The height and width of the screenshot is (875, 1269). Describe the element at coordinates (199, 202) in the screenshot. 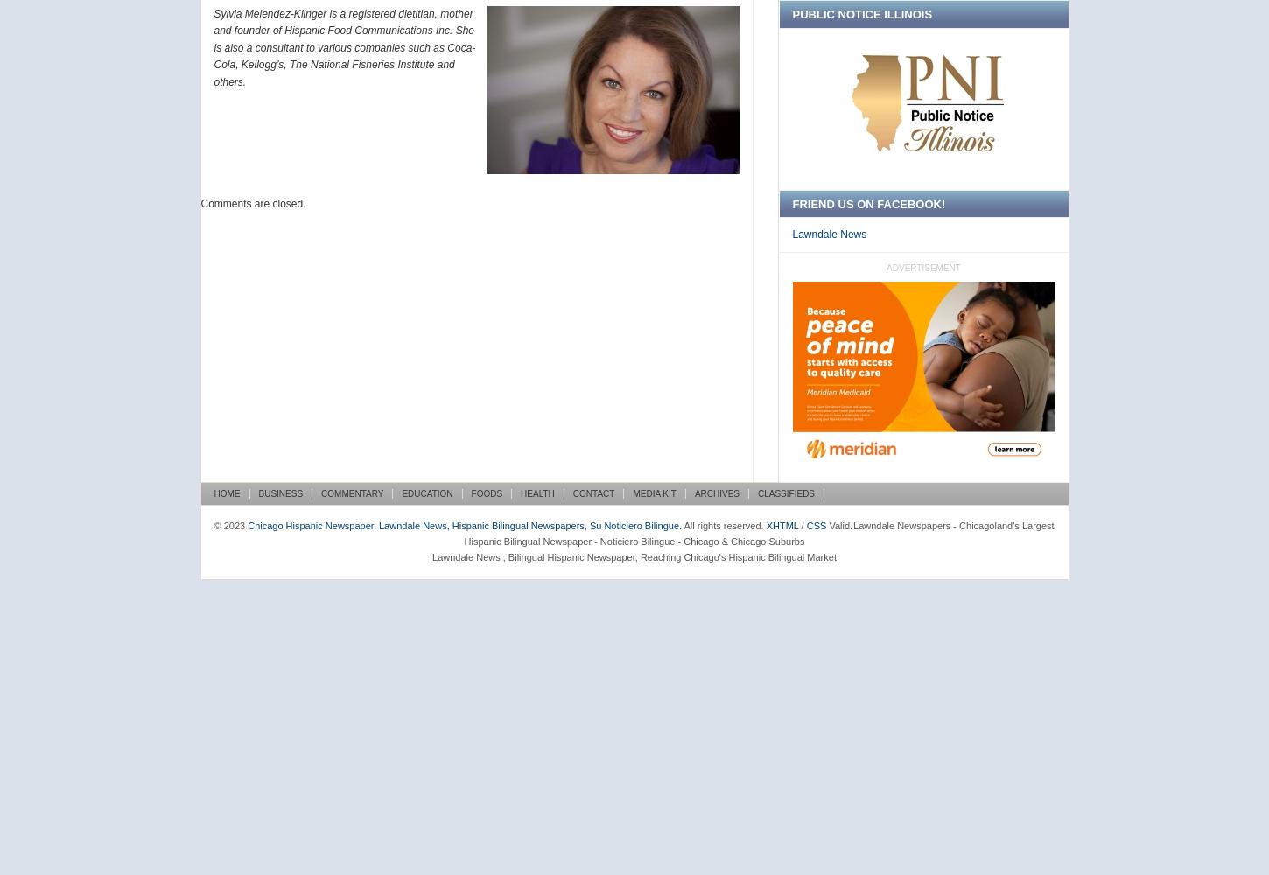

I see `'Comments are closed.'` at that location.